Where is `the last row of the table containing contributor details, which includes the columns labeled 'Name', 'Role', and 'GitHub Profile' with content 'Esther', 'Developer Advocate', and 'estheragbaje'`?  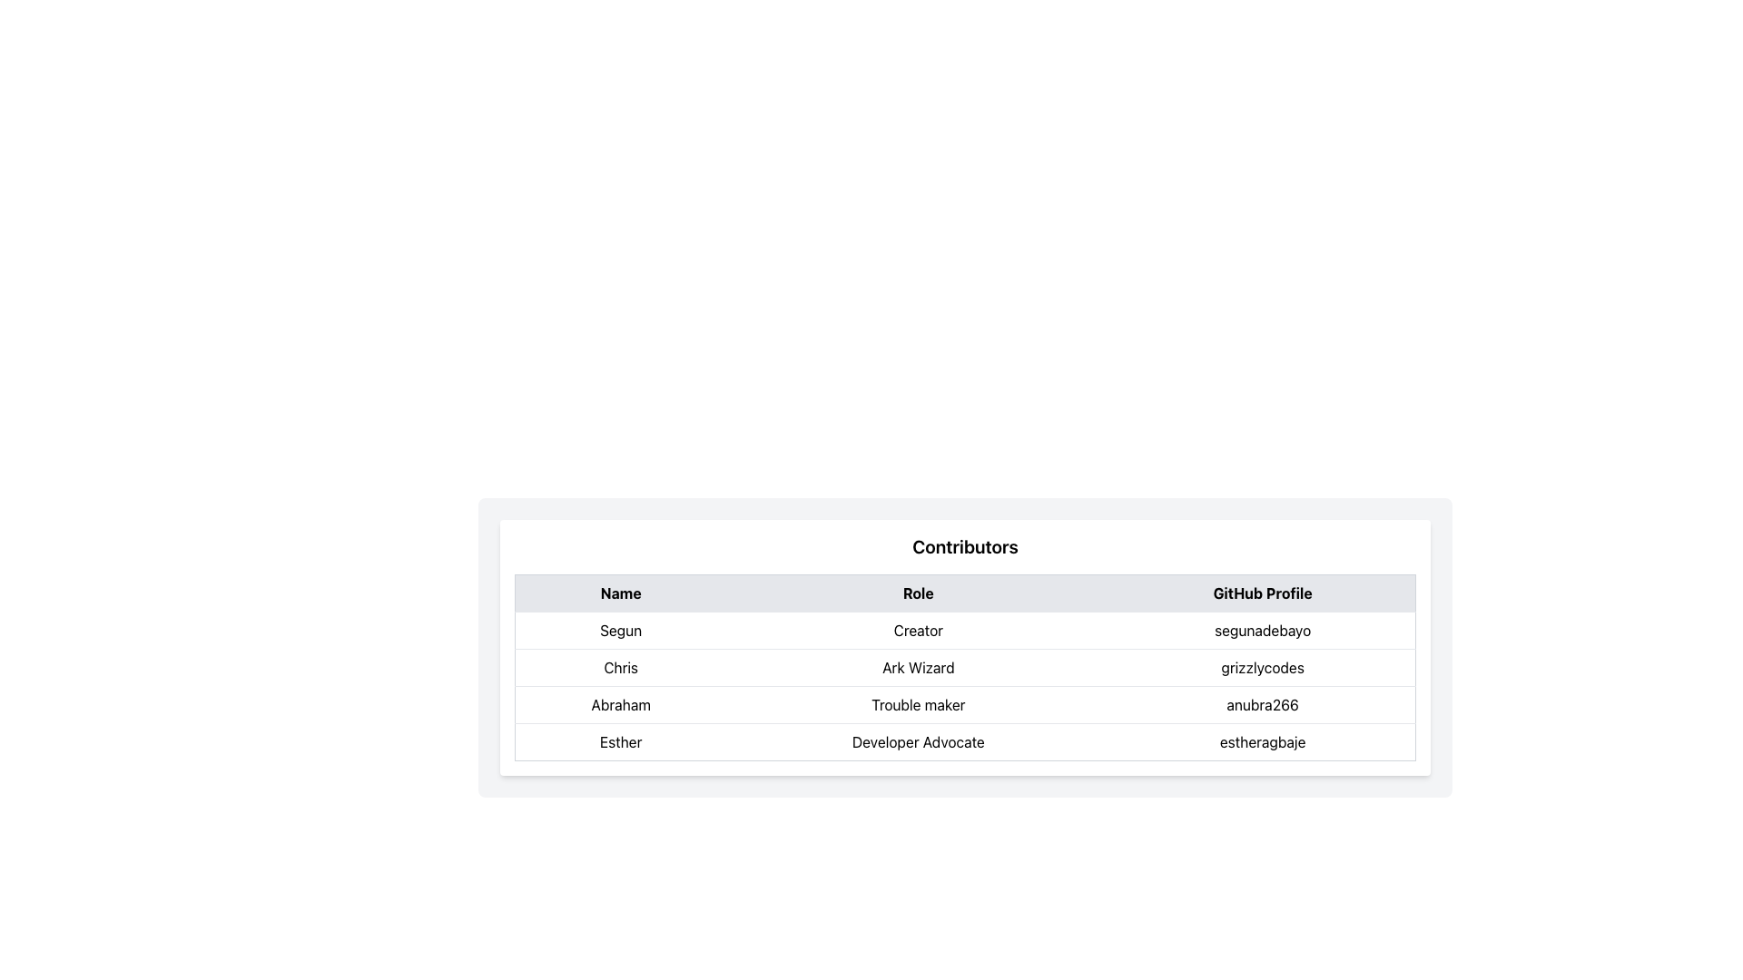 the last row of the table containing contributor details, which includes the columns labeled 'Name', 'Role', and 'GitHub Profile' with content 'Esther', 'Developer Advocate', and 'estheragbaje' is located at coordinates (964, 741).